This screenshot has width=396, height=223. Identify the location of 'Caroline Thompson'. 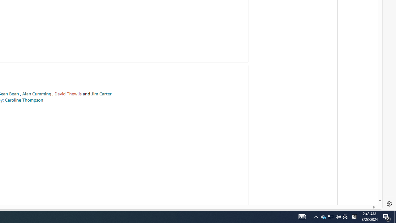
(24, 100).